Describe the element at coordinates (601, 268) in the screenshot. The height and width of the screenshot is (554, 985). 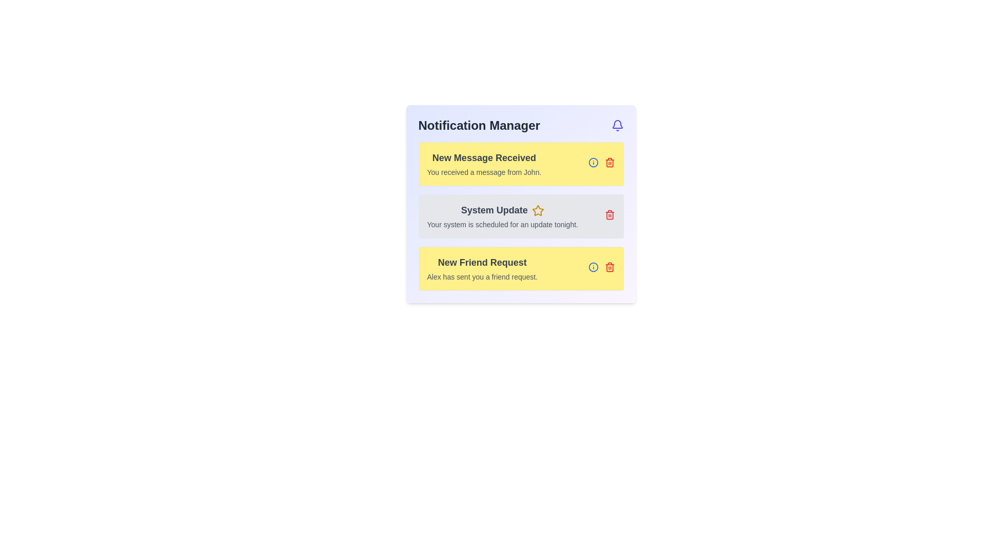
I see `the blue 'info' icon or the red 'trash bin' icon` at that location.